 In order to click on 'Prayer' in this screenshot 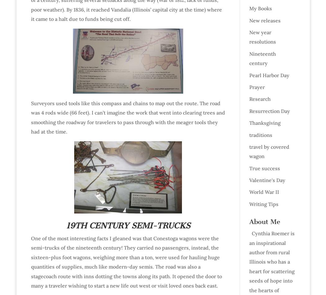, I will do `click(256, 87)`.